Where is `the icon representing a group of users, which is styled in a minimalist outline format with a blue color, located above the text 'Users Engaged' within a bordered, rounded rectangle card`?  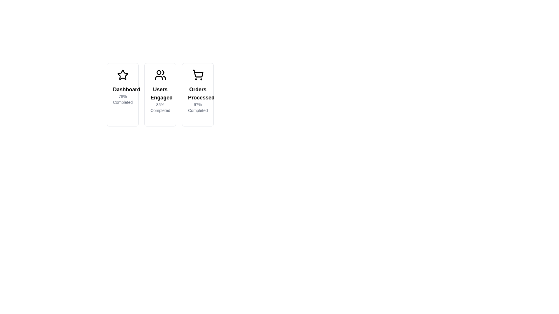
the icon representing a group of users, which is styled in a minimalist outline format with a blue color, located above the text 'Users Engaged' within a bordered, rounded rectangle card is located at coordinates (160, 75).